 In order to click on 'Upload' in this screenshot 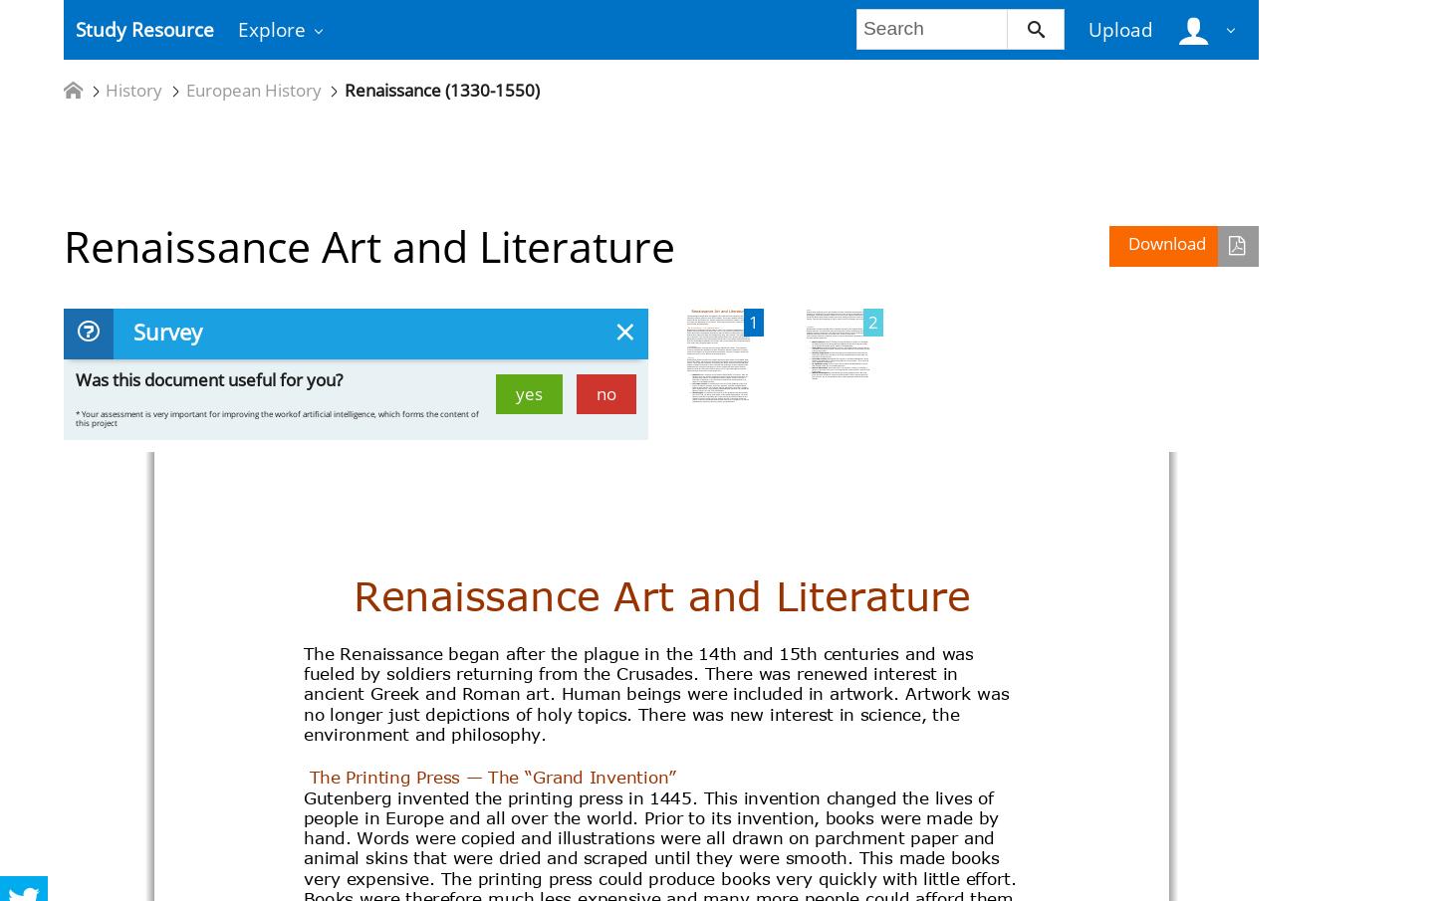, I will do `click(1118, 28)`.